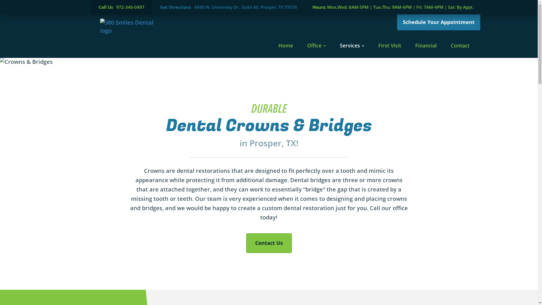 The image size is (542, 305). What do you see at coordinates (91, 7) in the screenshot?
I see `'Call Us 972-346-0497'` at bounding box center [91, 7].